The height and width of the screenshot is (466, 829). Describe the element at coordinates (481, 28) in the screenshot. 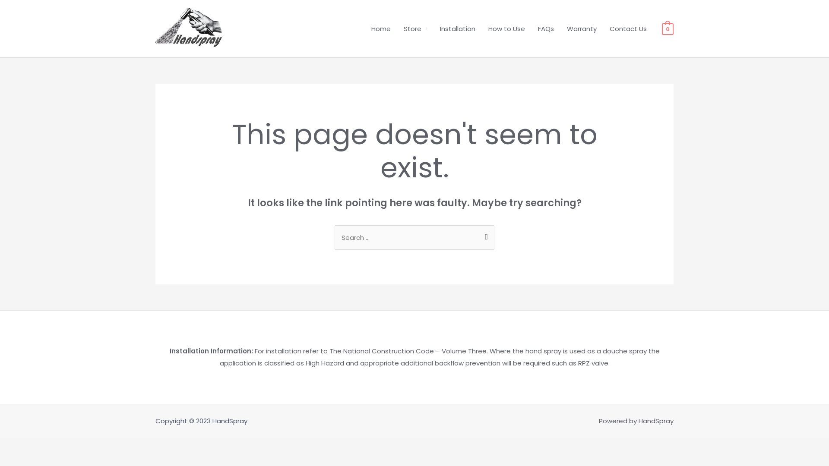

I see `'How to Use'` at that location.